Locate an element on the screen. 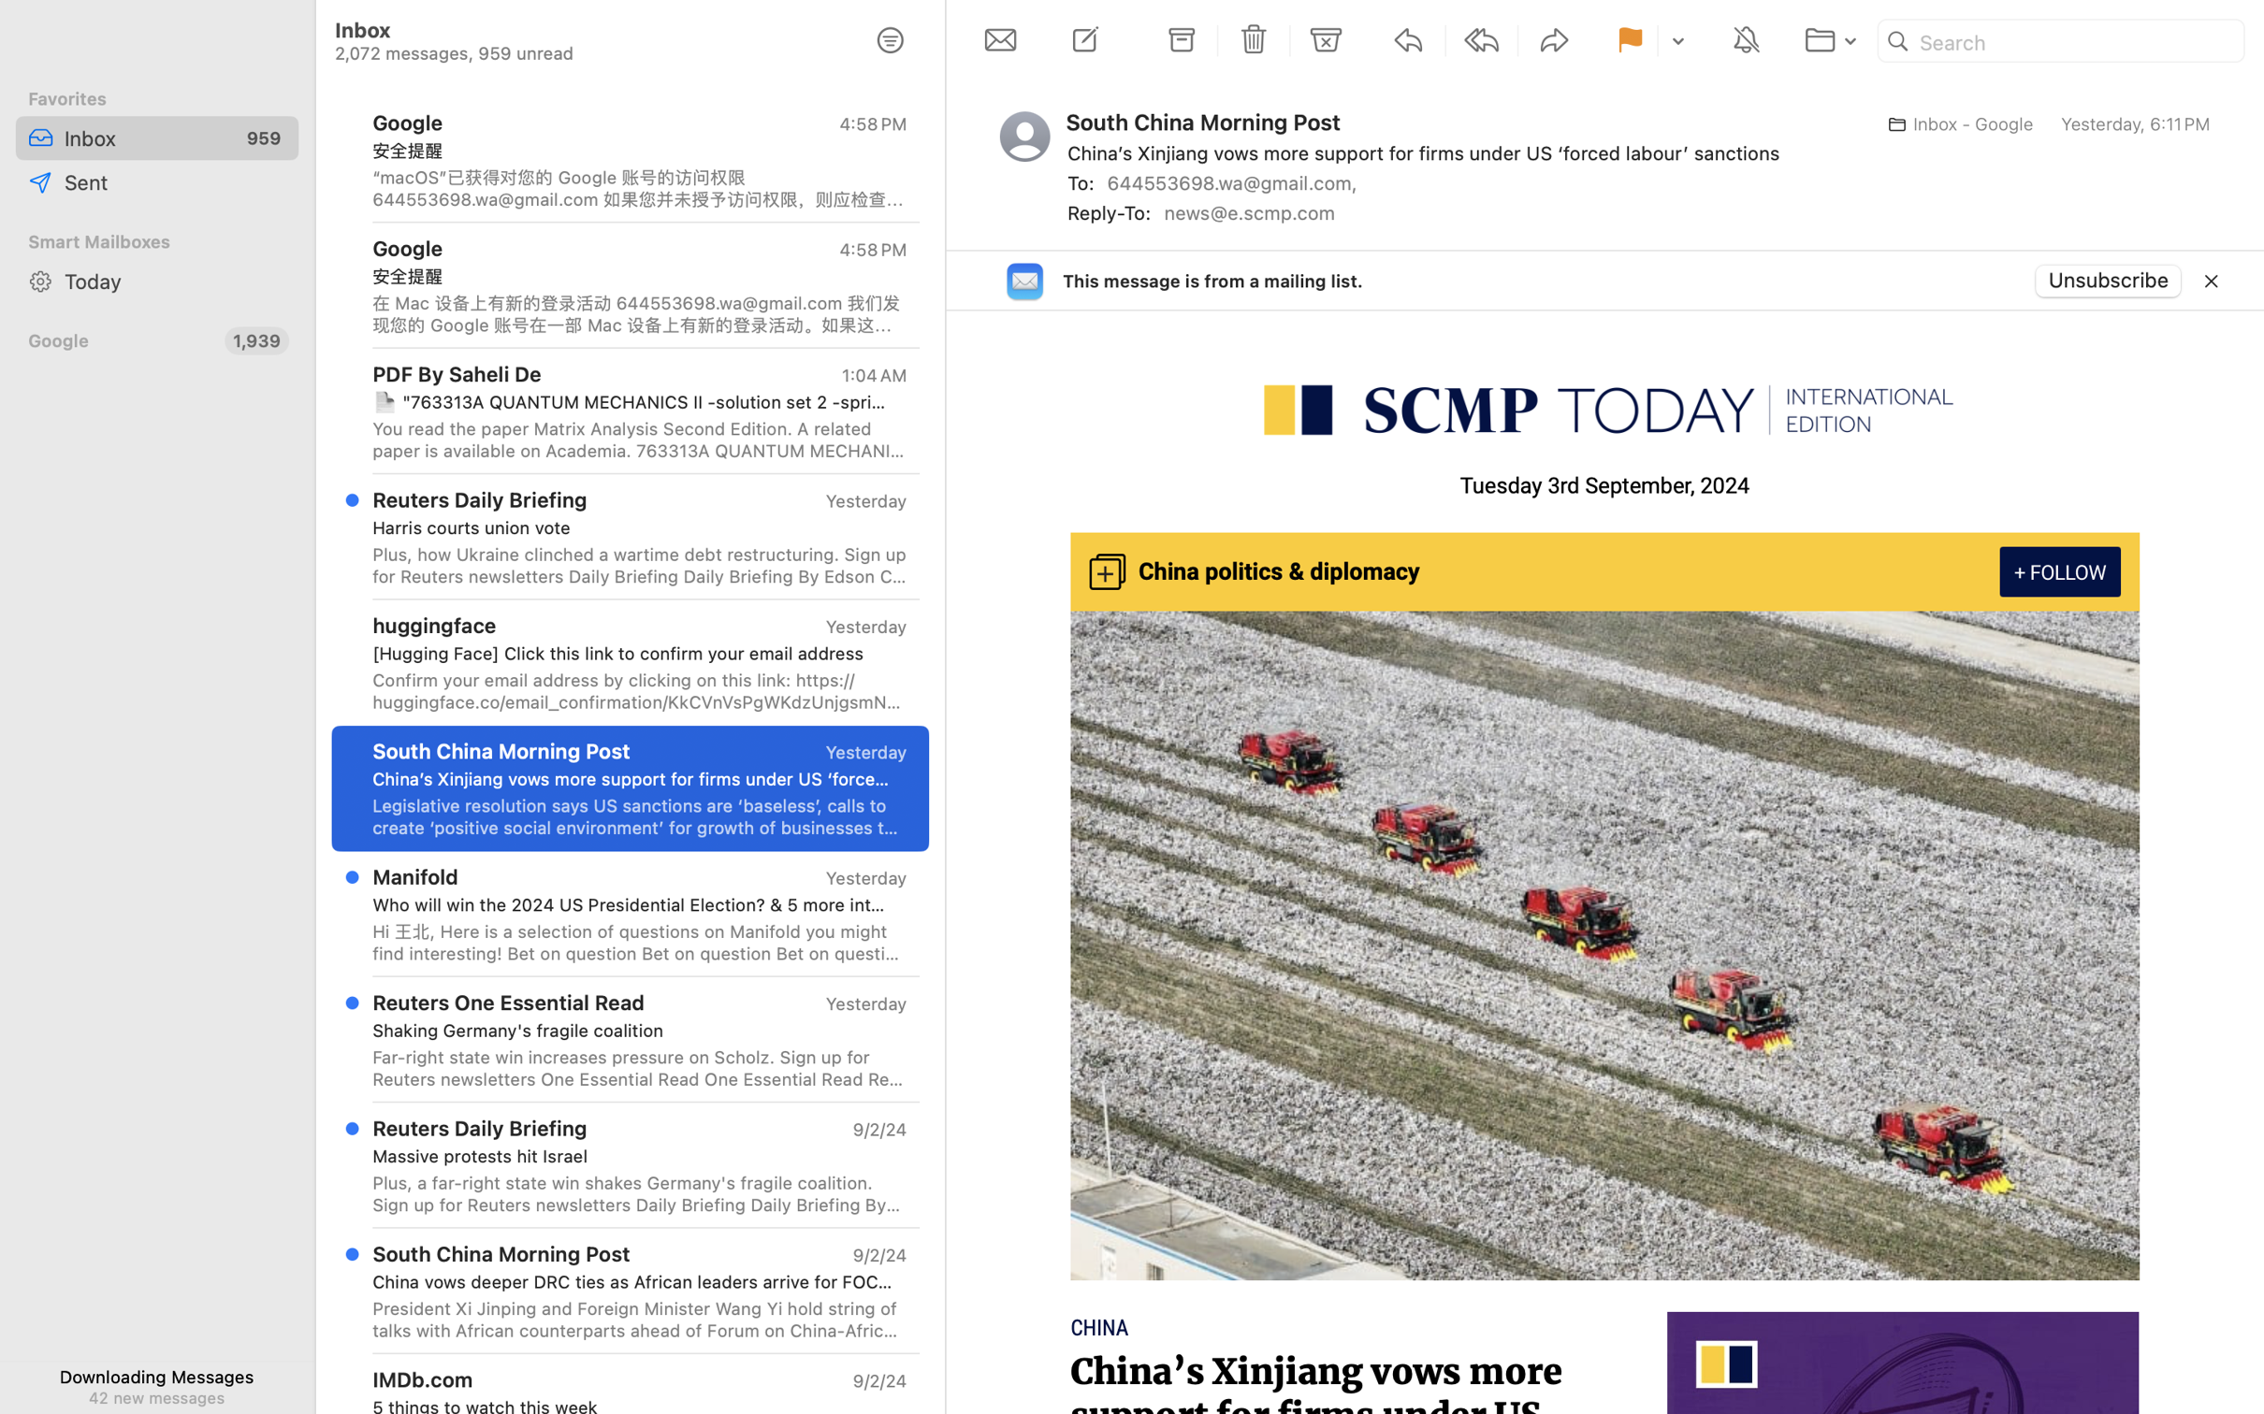  'CHINA' is located at coordinates (1100, 1327).